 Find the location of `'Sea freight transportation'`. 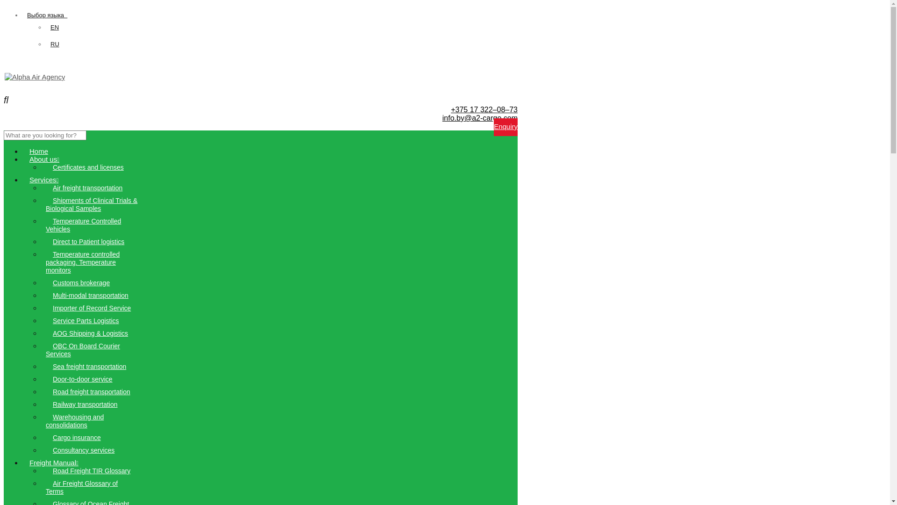

'Sea freight transportation' is located at coordinates (89, 366).